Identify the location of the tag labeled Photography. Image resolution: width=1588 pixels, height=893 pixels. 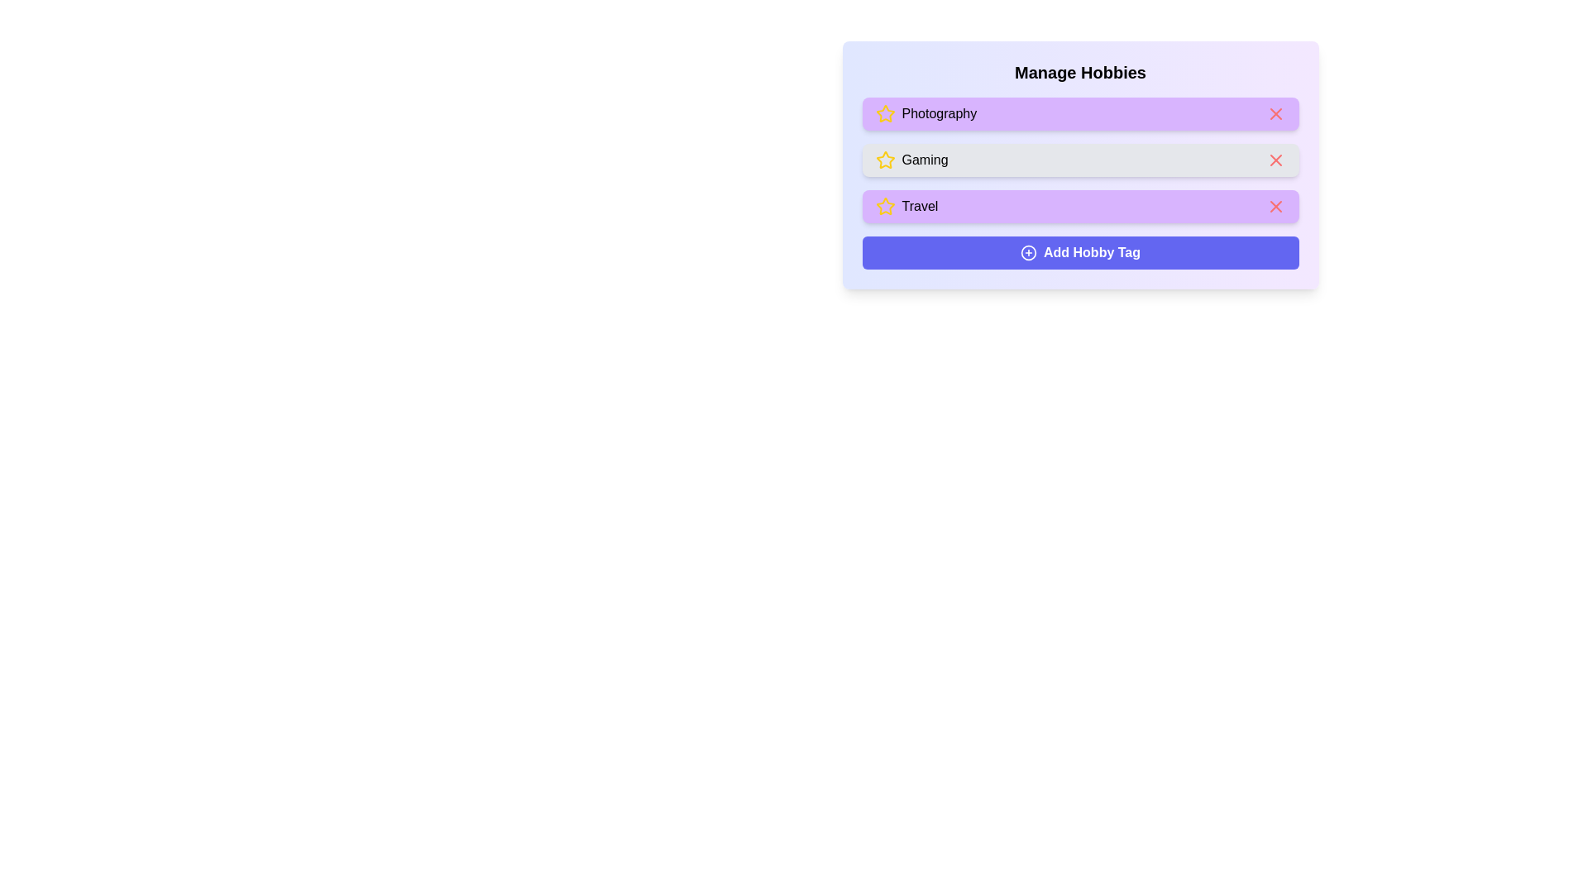
(1080, 113).